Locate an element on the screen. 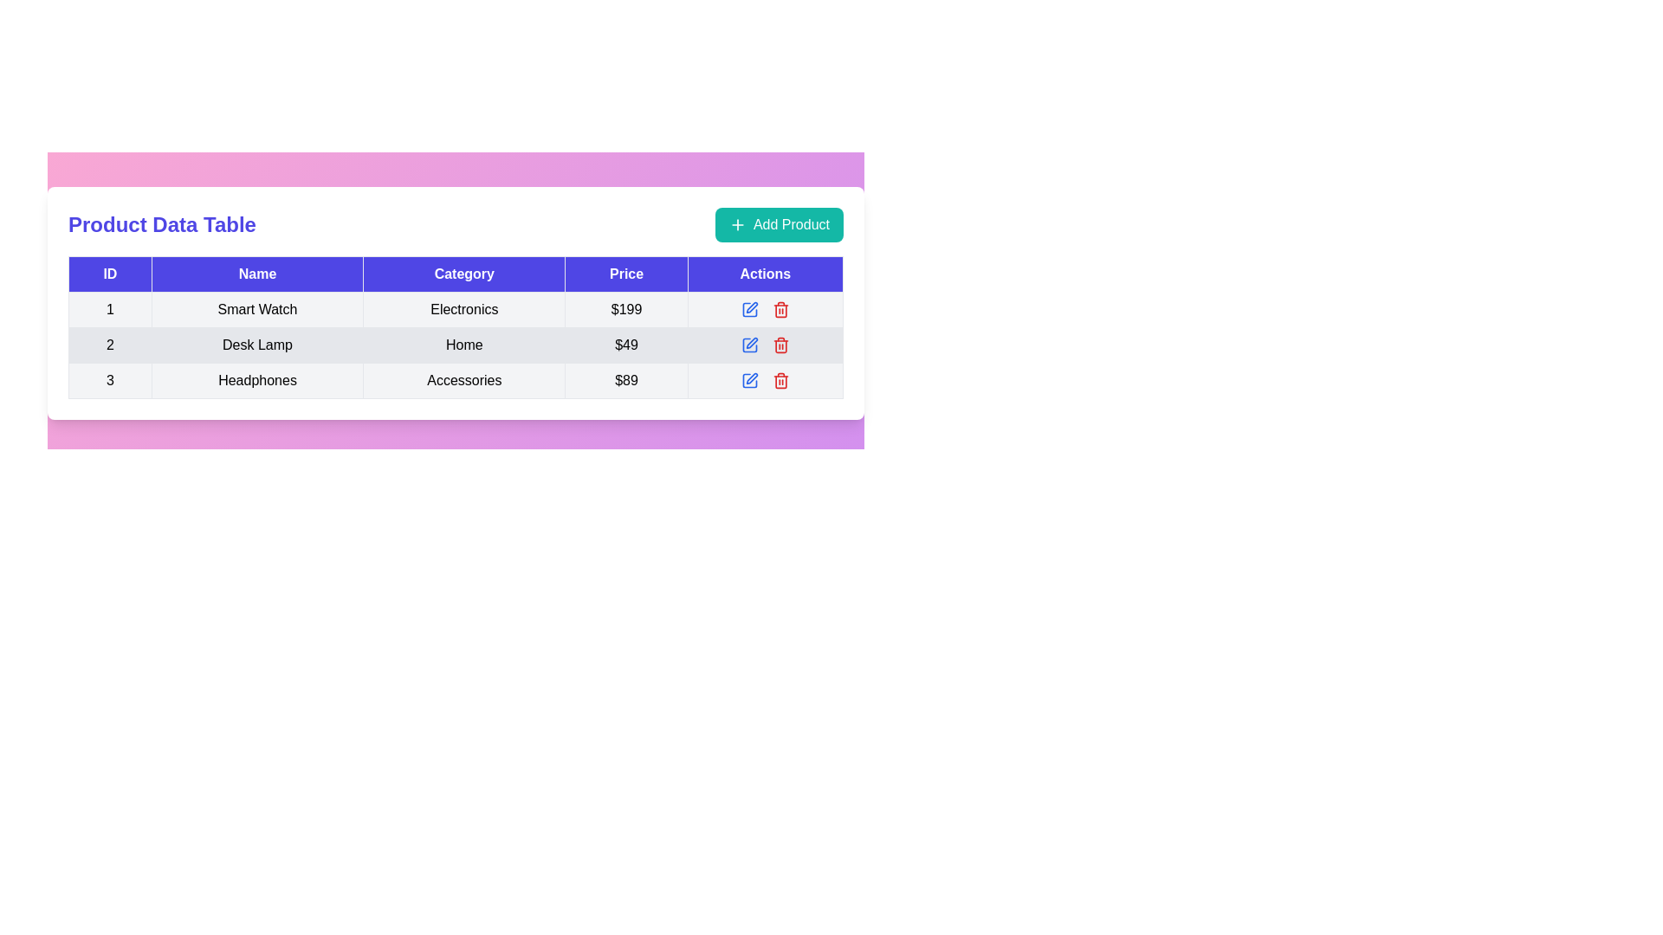 This screenshot has height=935, width=1663. the cell of the third row in the data table representing the product entry for 'Headphones' to highlight it is located at coordinates (456, 379).